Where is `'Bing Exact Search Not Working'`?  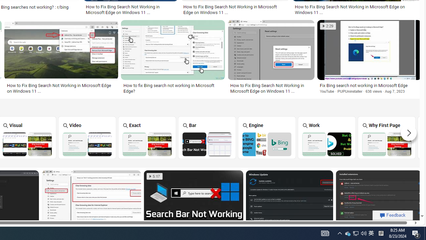
'Bing Exact Search Not Working' is located at coordinates (146, 144).